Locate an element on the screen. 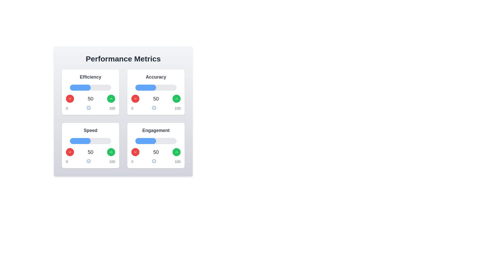 The image size is (485, 272). the central number display showing '50' in bold gray font, which is located in the middle of the 'Accuracy' performance card is located at coordinates (156, 99).